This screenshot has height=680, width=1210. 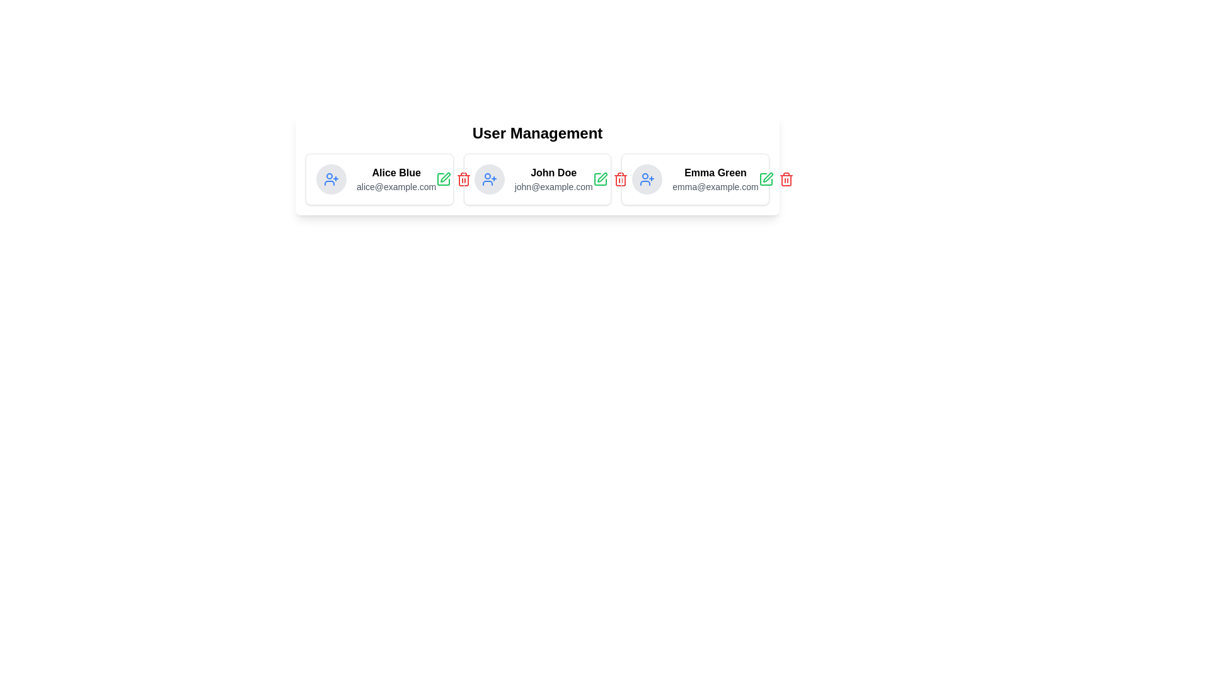 What do you see at coordinates (715, 179) in the screenshot?
I see `the Composable text block displaying the user's name and email address, located at the rightmost position of the row of user cards` at bounding box center [715, 179].